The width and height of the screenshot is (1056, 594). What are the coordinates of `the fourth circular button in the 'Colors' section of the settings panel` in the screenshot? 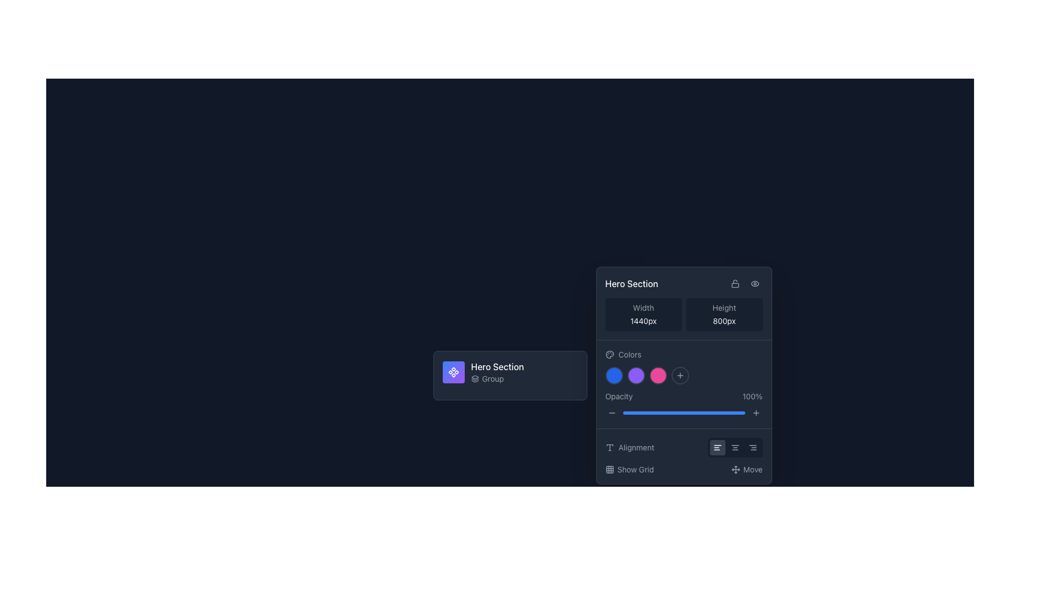 It's located at (679, 375).